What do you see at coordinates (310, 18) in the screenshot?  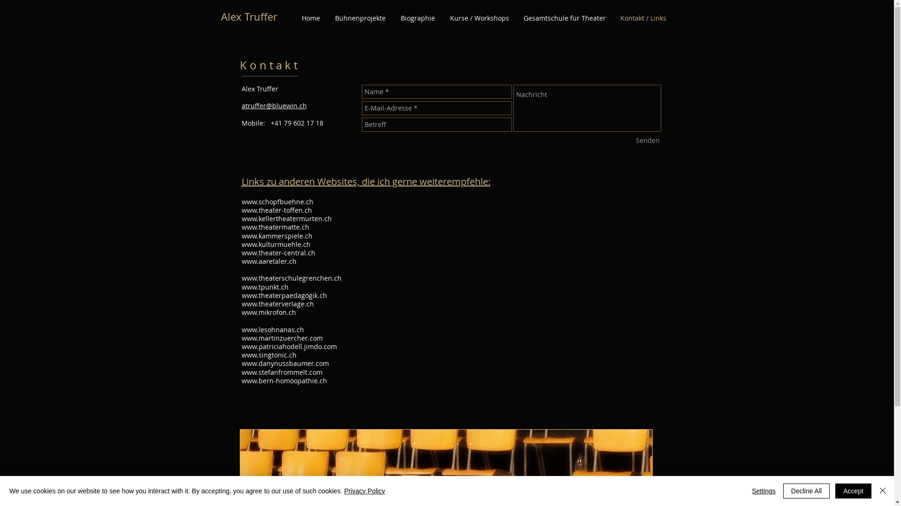 I see `'Home'` at bounding box center [310, 18].